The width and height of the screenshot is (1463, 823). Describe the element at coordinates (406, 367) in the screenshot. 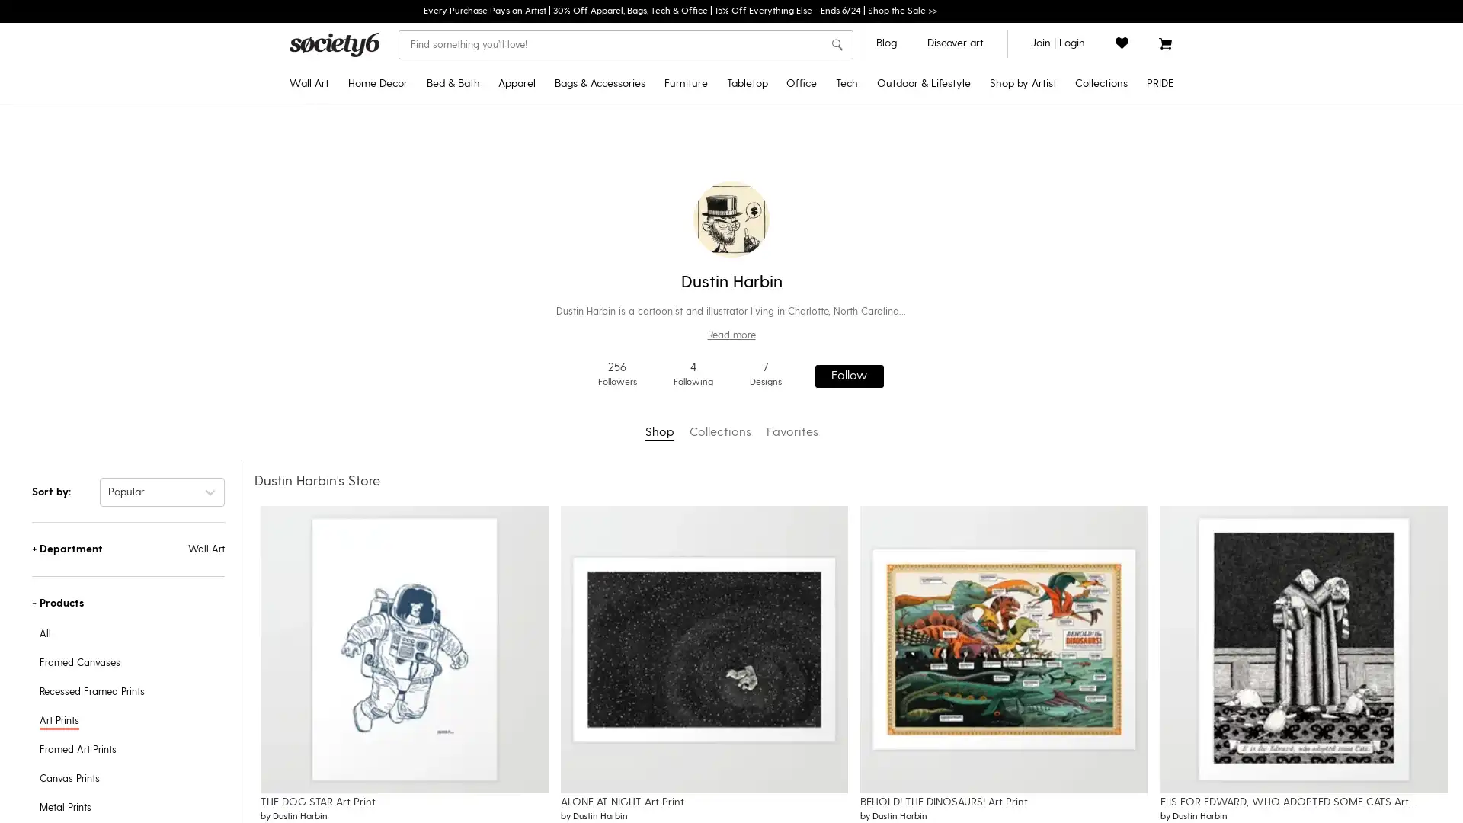

I see `Wallpaper` at that location.